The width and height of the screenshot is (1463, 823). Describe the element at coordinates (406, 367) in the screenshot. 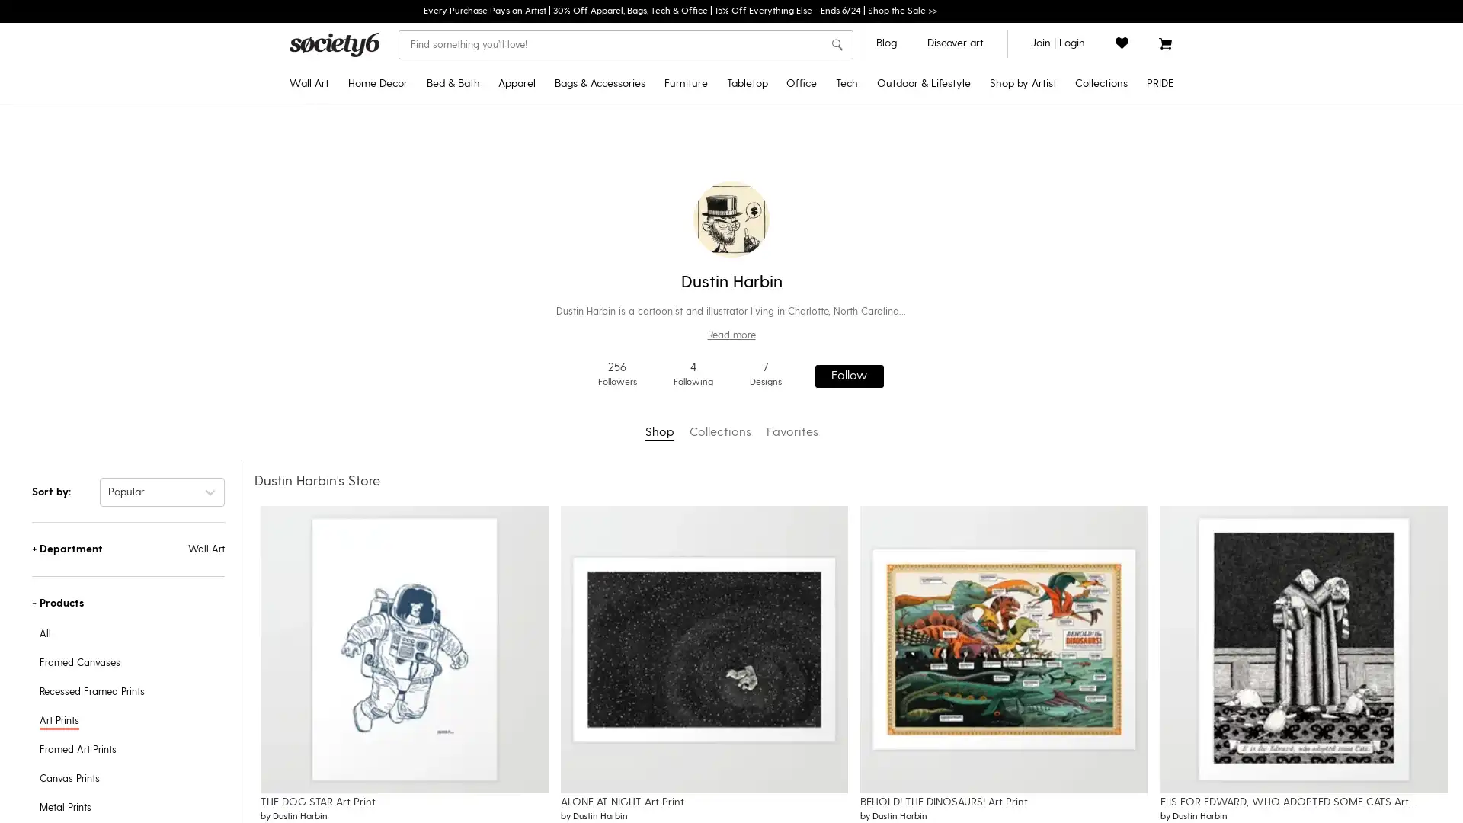

I see `Wallpaper` at that location.